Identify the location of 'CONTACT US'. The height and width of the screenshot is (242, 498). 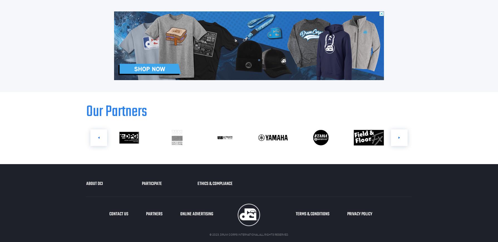
(119, 214).